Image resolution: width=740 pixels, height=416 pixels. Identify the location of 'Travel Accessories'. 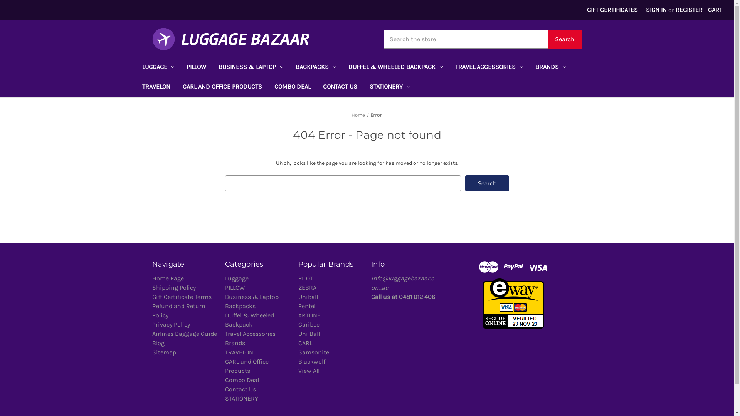
(225, 333).